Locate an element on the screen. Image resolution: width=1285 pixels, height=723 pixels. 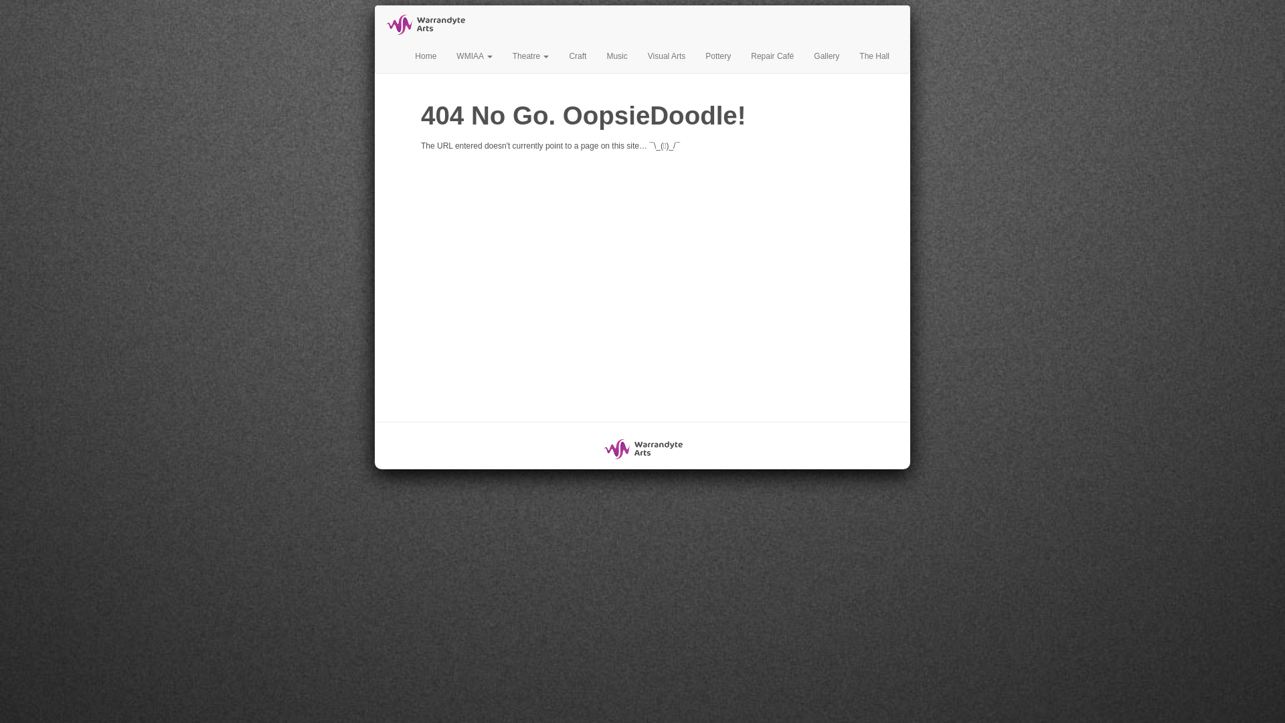
'Gallery' is located at coordinates (803, 56).